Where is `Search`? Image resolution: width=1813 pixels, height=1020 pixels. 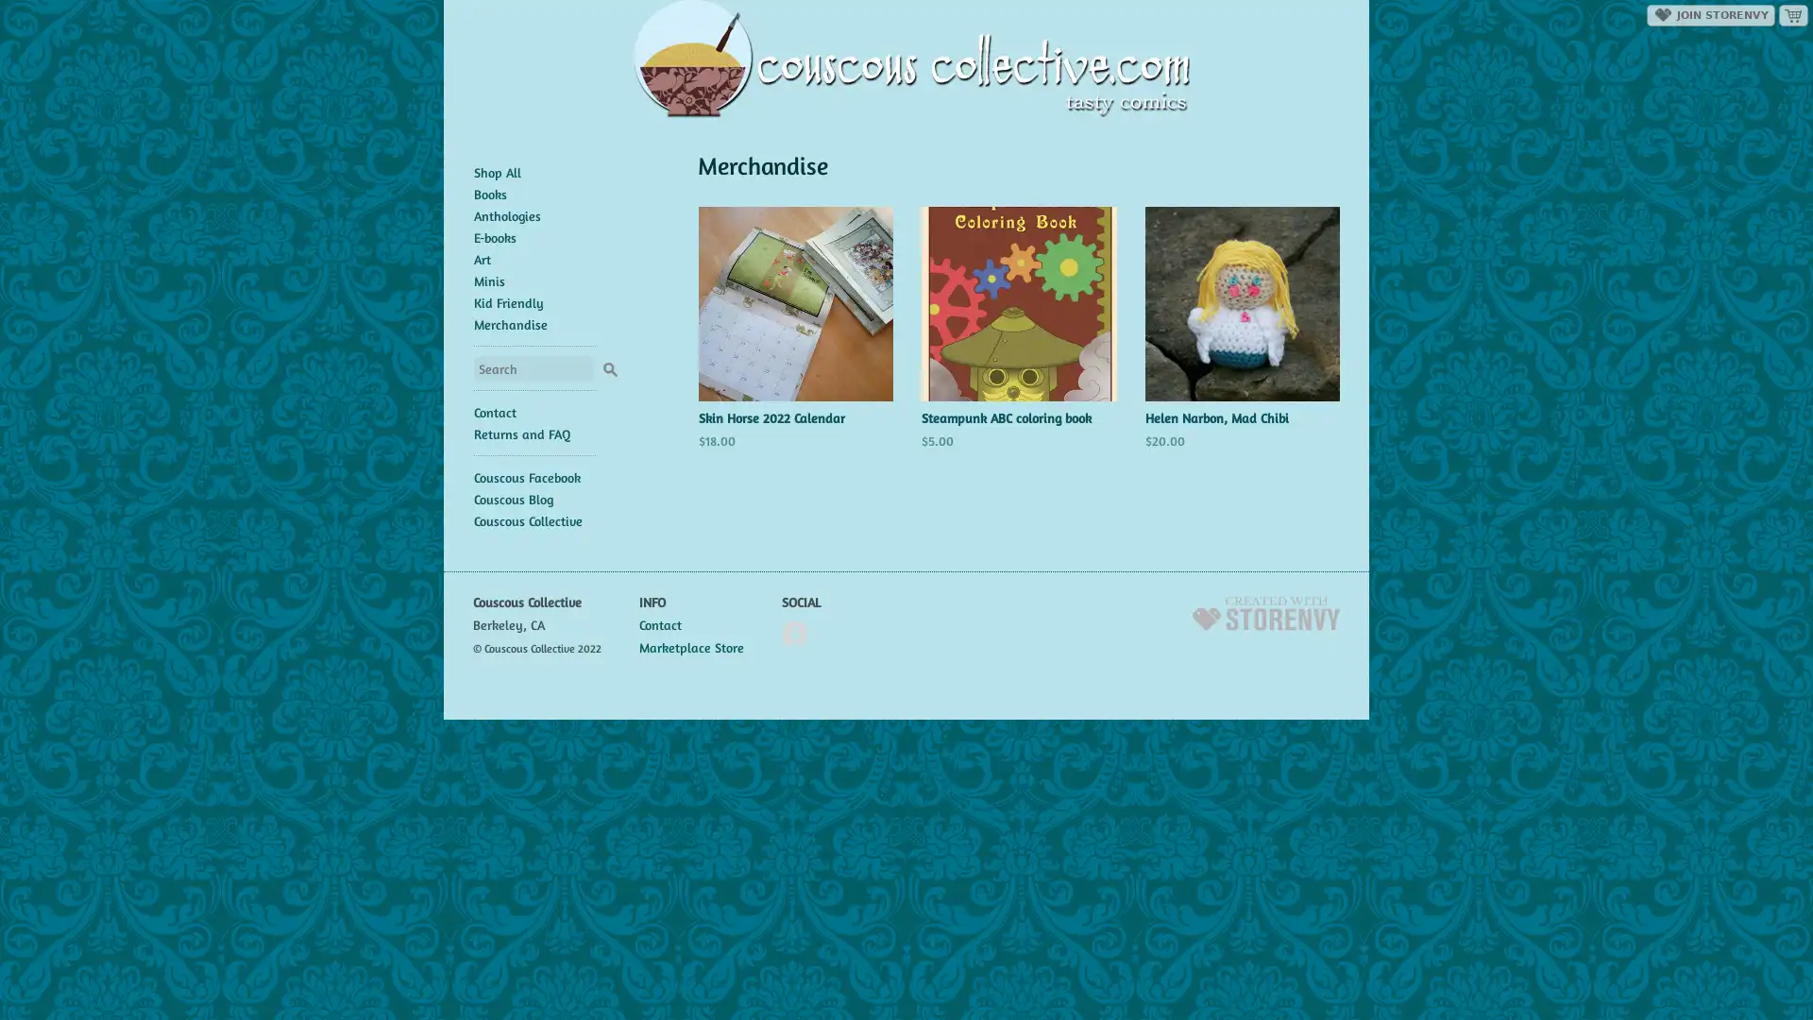 Search is located at coordinates (609, 366).